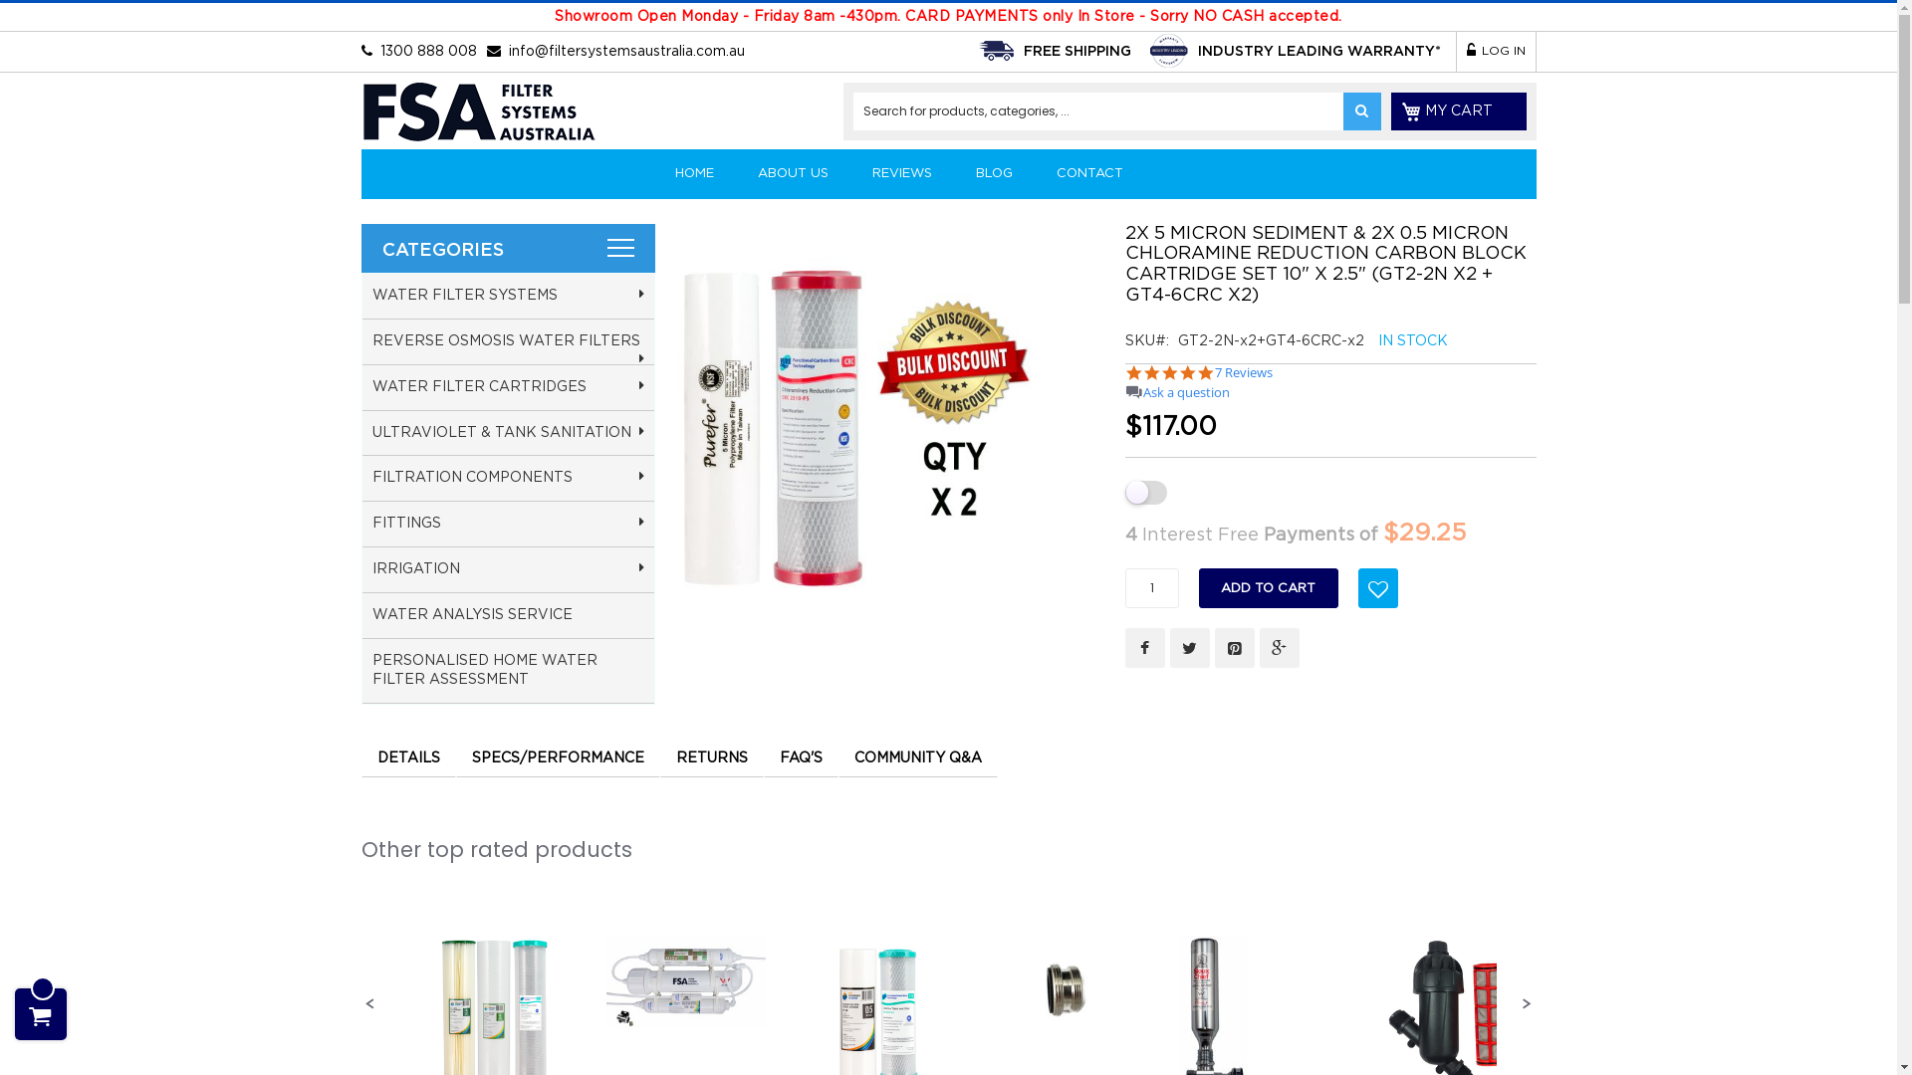 The image size is (1912, 1075). I want to click on 'PERSONALISED HOME WATER FILTER ASSESSMENT', so click(508, 671).